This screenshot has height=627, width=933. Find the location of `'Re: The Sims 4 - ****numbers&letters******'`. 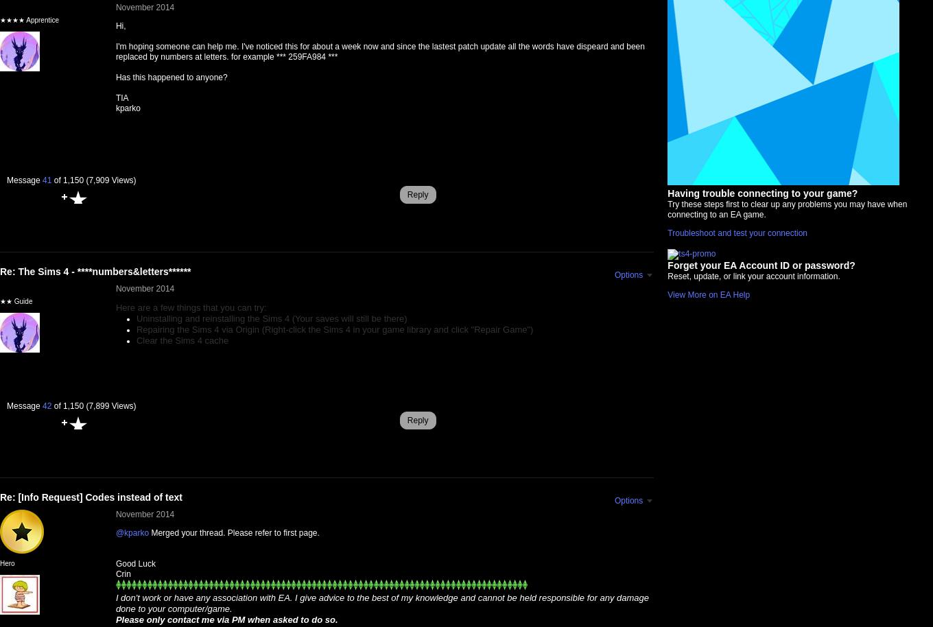

'Re: The Sims 4 - ****numbers&letters******' is located at coordinates (95, 272).